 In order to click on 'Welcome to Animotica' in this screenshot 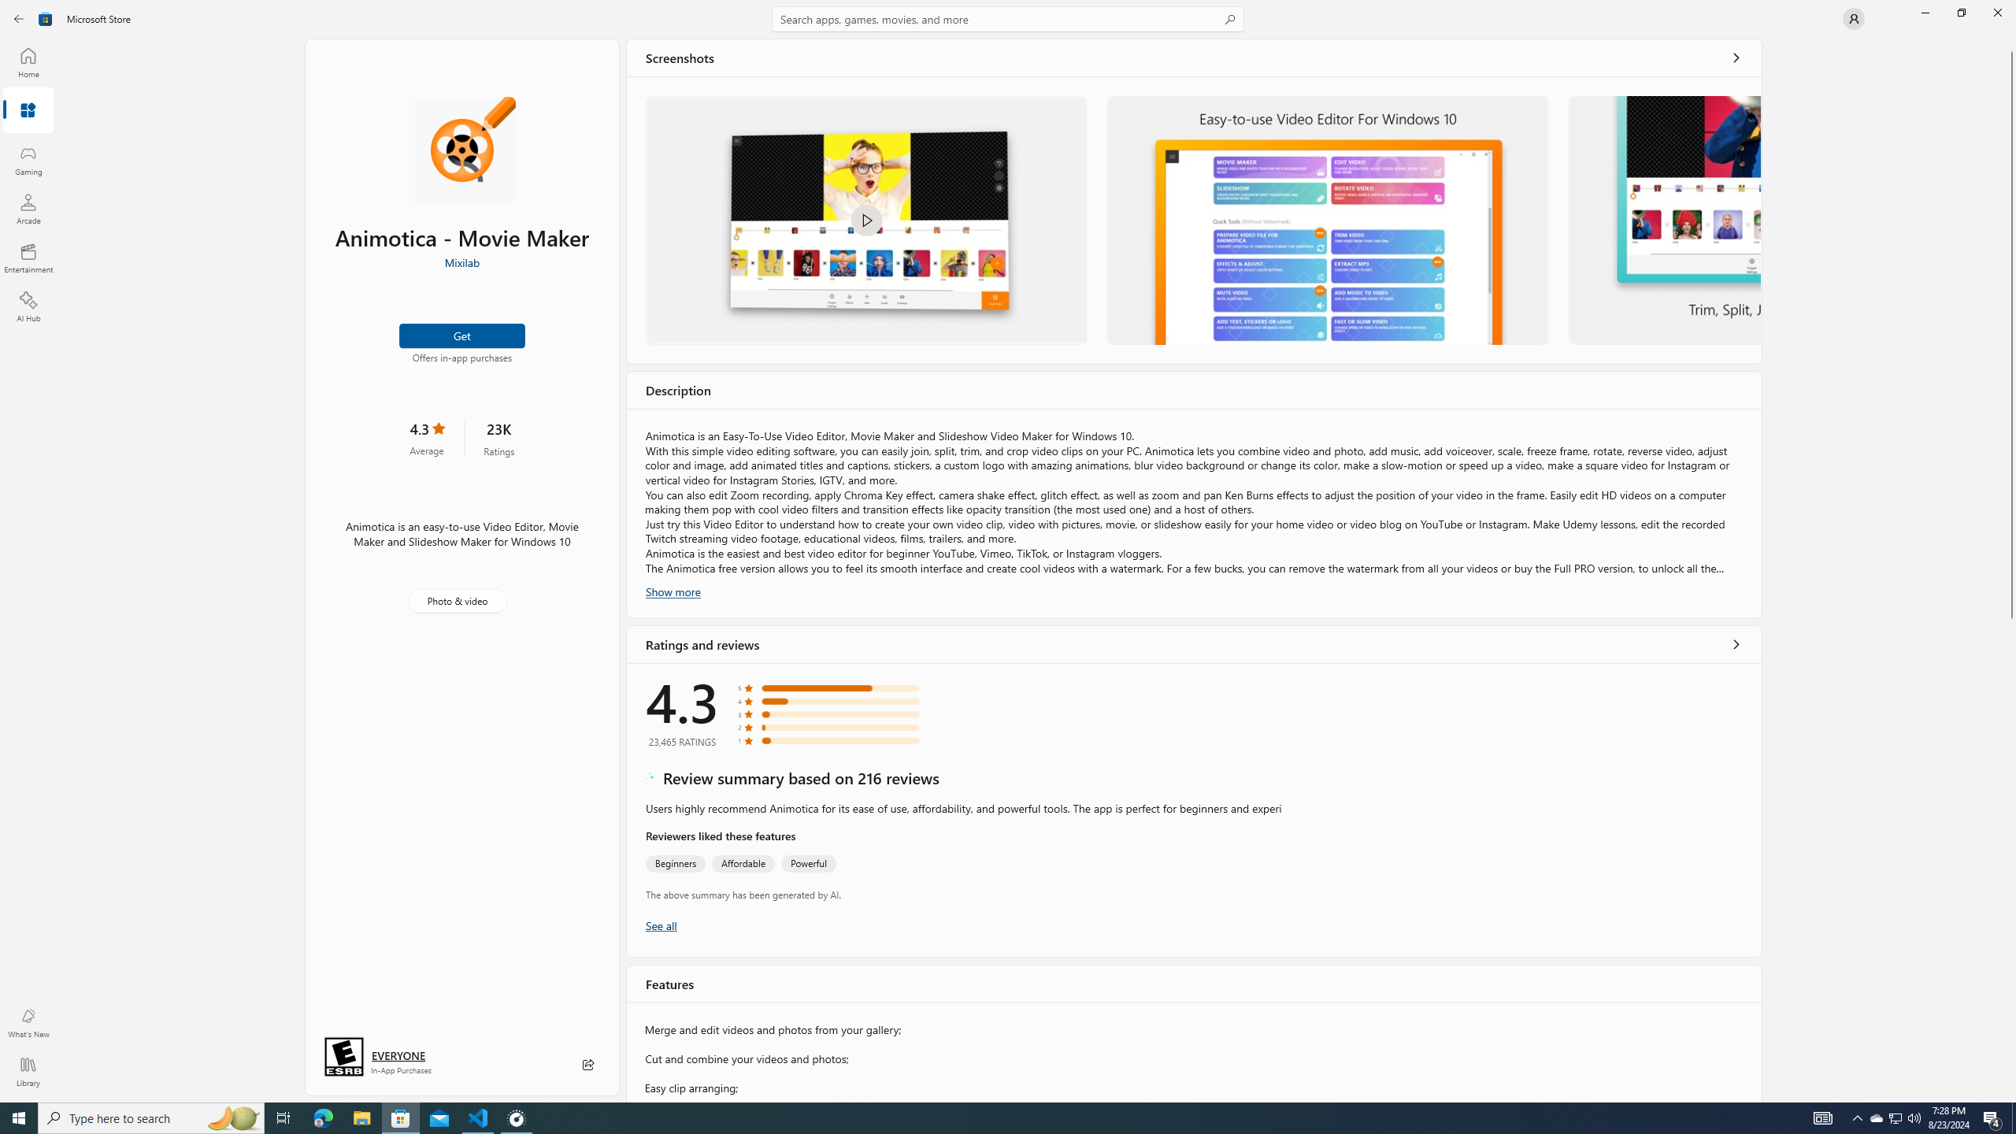, I will do `click(865, 220)`.